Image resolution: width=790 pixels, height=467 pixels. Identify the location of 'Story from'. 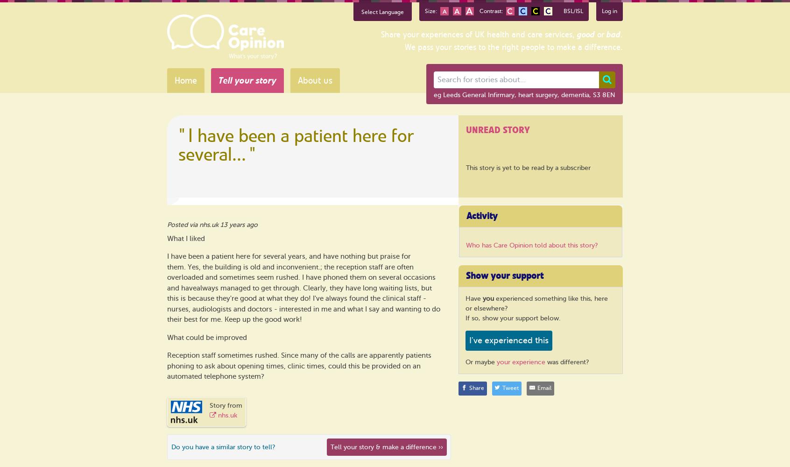
(226, 404).